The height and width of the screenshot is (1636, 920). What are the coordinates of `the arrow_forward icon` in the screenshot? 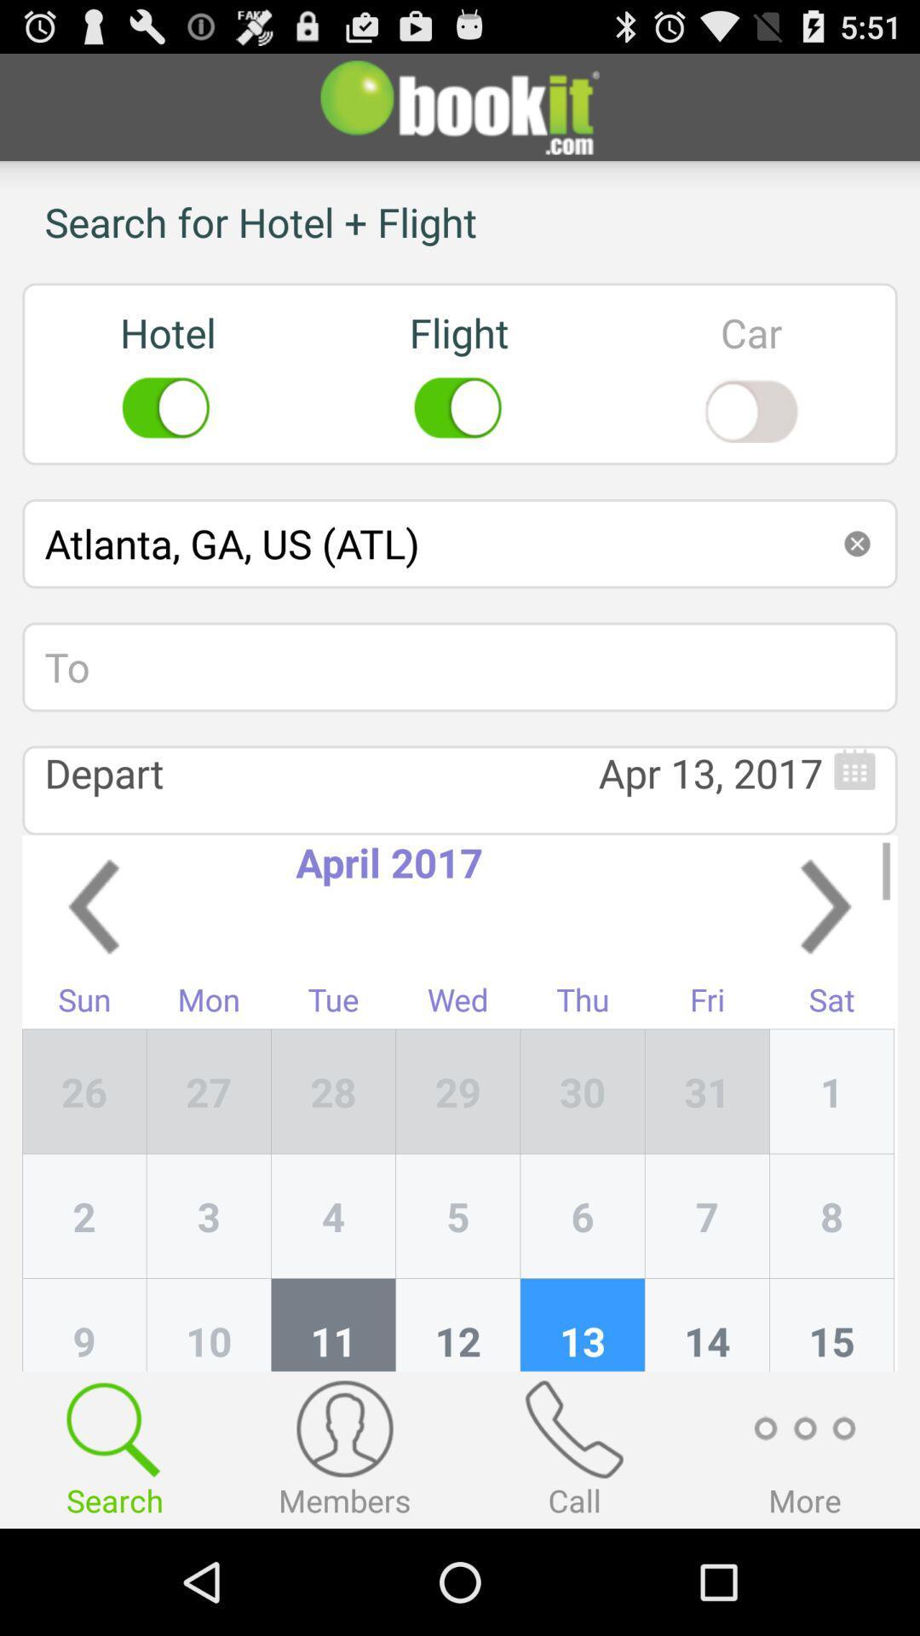 It's located at (825, 970).